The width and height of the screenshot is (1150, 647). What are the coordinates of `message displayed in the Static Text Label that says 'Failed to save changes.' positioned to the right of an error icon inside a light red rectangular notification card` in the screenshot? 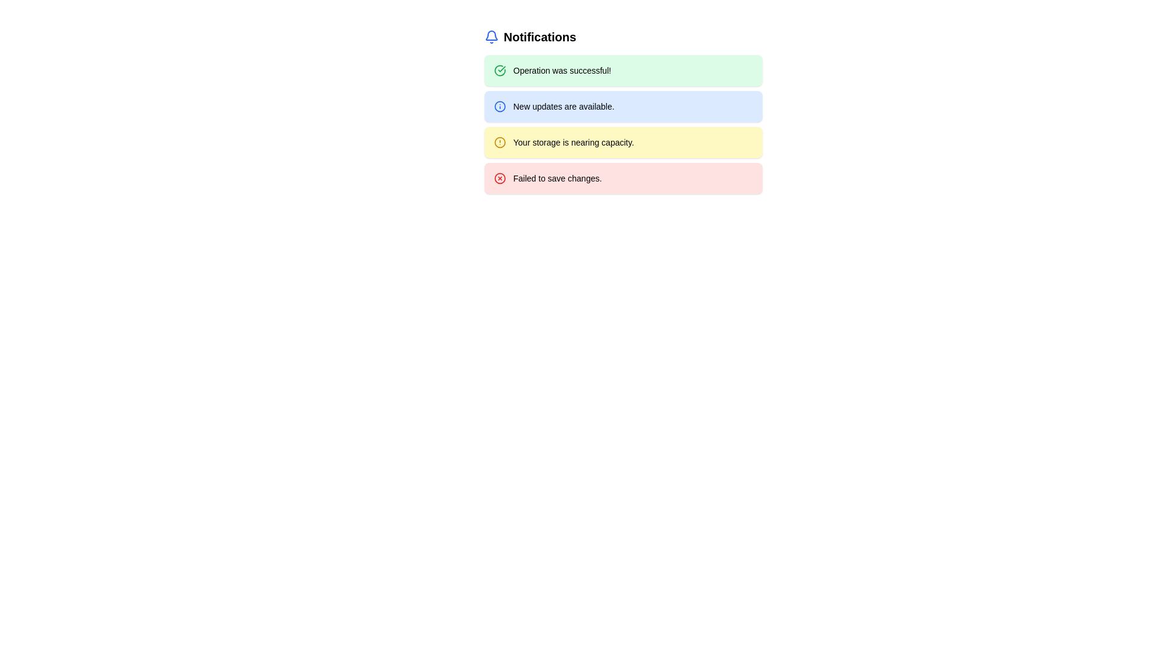 It's located at (557, 178).